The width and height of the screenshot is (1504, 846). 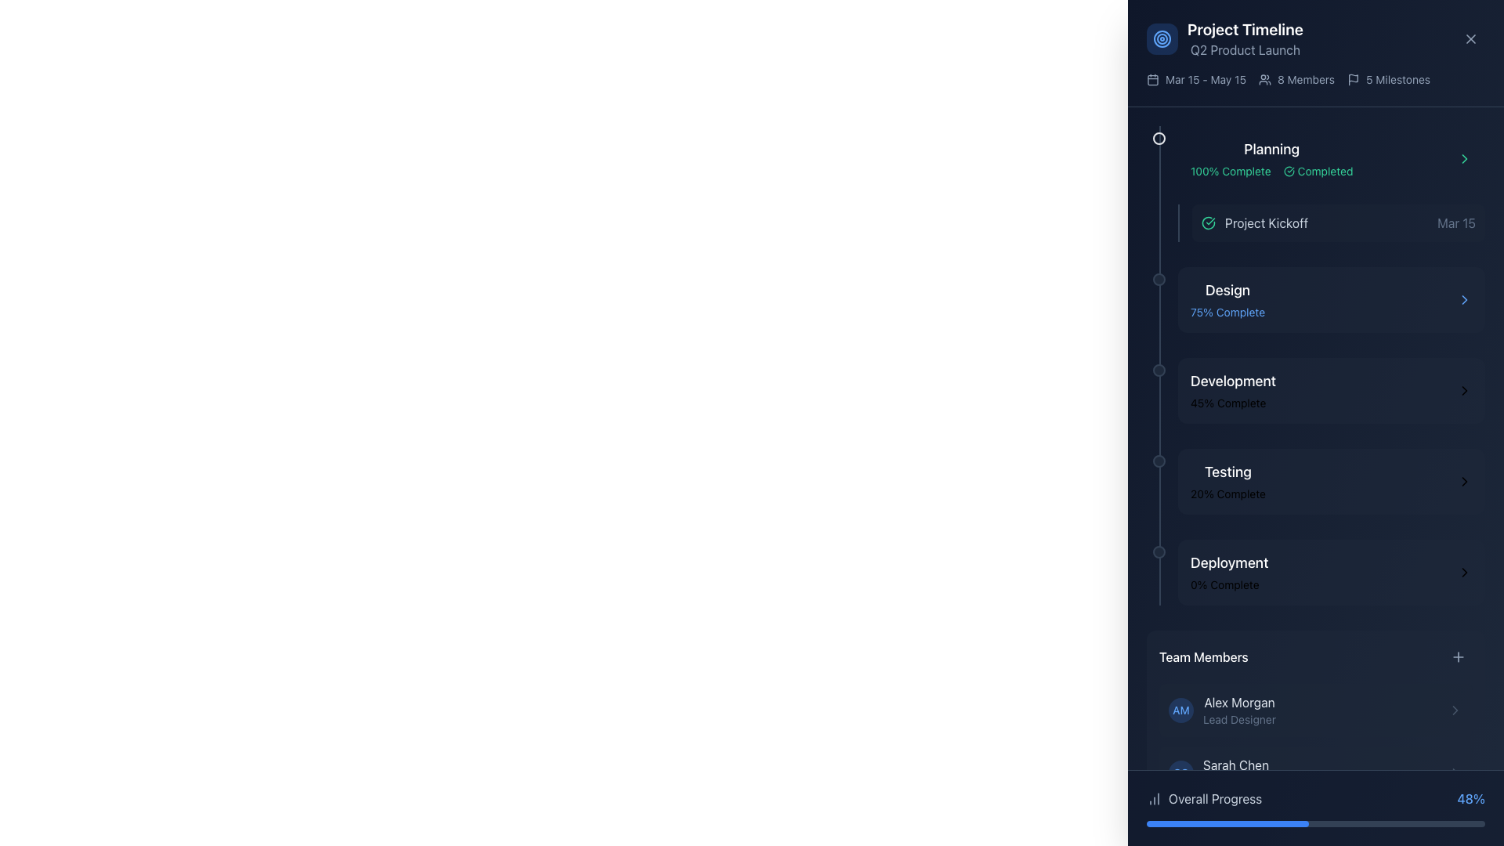 What do you see at coordinates (1214, 798) in the screenshot?
I see `the text label displaying 'Overall Progress', which is located on the right-side column below the 'Team Members' section, adjacent to a chart icon and a numerical representation of progress` at bounding box center [1214, 798].